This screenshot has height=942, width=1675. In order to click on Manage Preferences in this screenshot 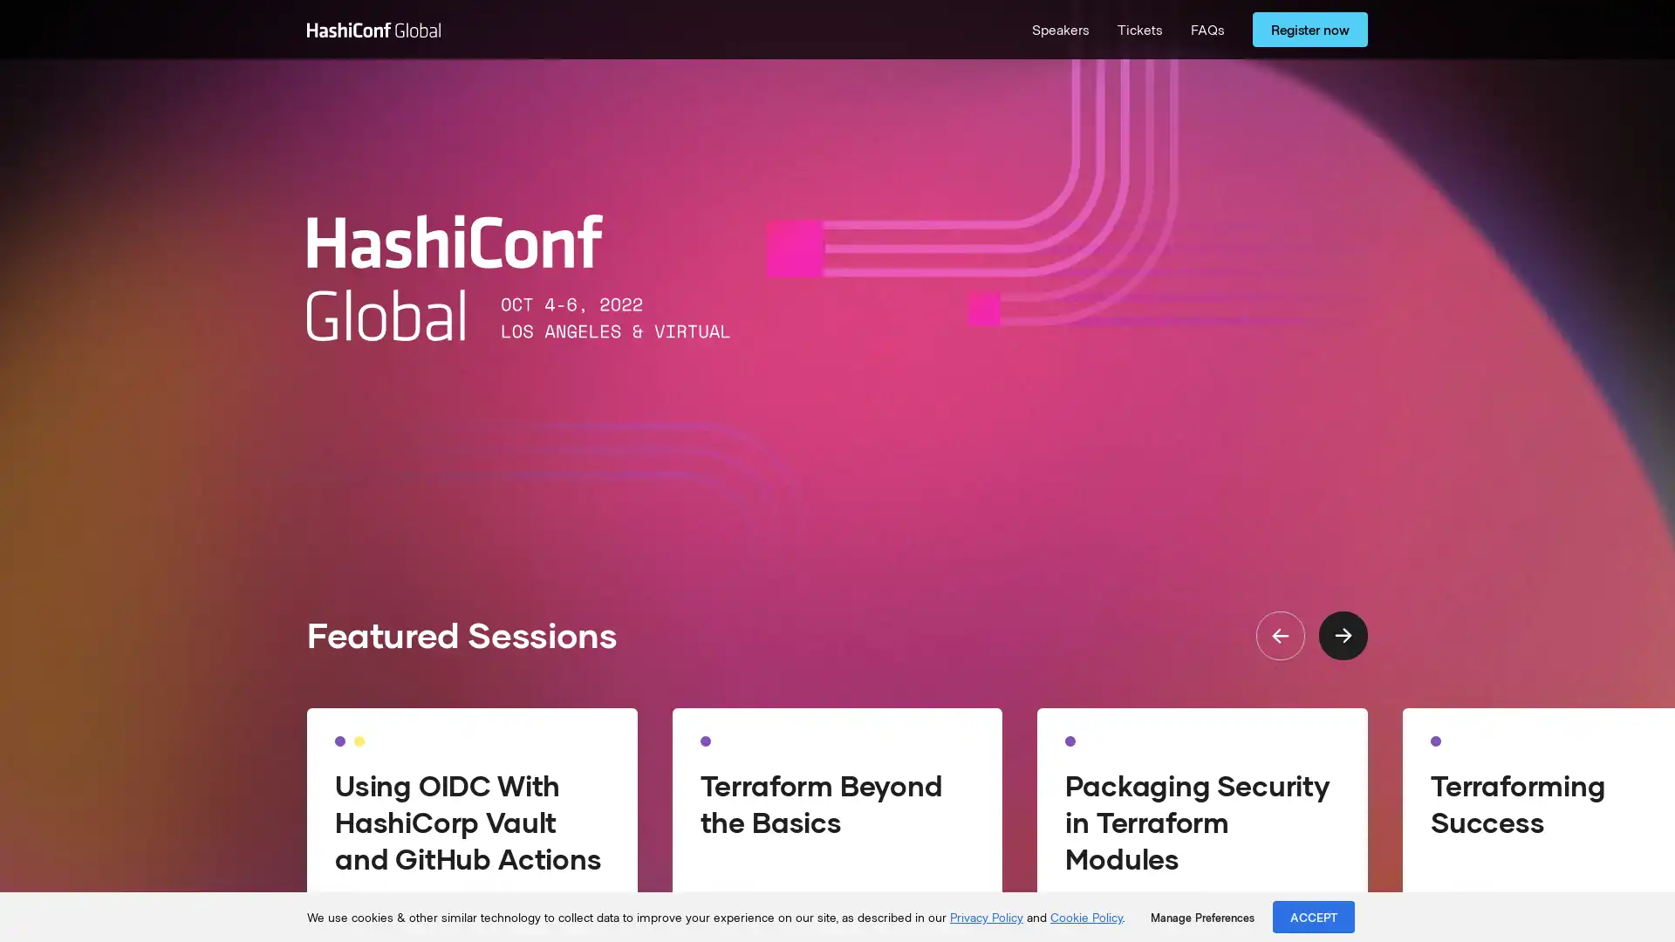, I will do `click(1201, 917)`.